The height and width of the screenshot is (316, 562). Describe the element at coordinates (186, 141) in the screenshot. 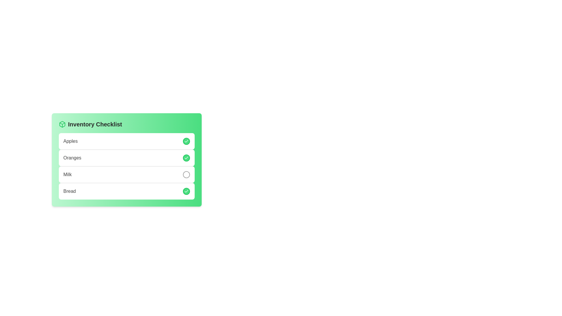

I see `the green checkmark button located on the right side of the 'Apples' row in the checklist interface` at that location.